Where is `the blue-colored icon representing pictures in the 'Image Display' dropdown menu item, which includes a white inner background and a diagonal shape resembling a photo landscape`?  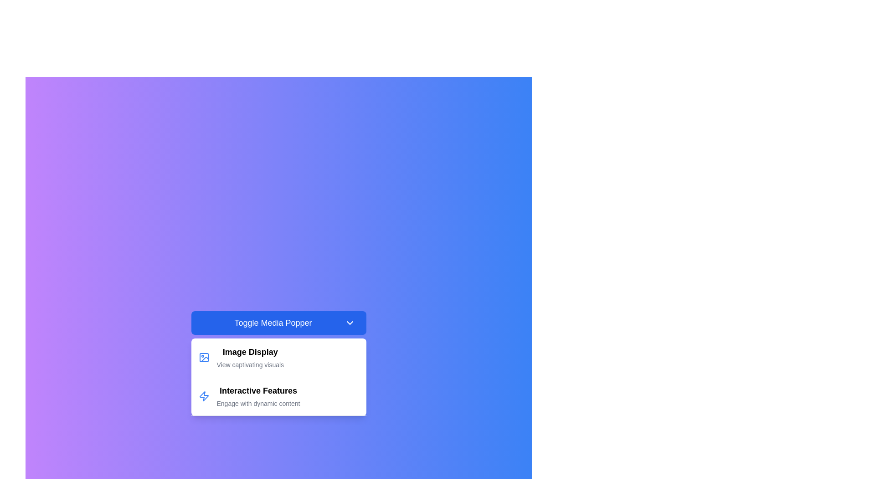
the blue-colored icon representing pictures in the 'Image Display' dropdown menu item, which includes a white inner background and a diagonal shape resembling a photo landscape is located at coordinates (203, 357).